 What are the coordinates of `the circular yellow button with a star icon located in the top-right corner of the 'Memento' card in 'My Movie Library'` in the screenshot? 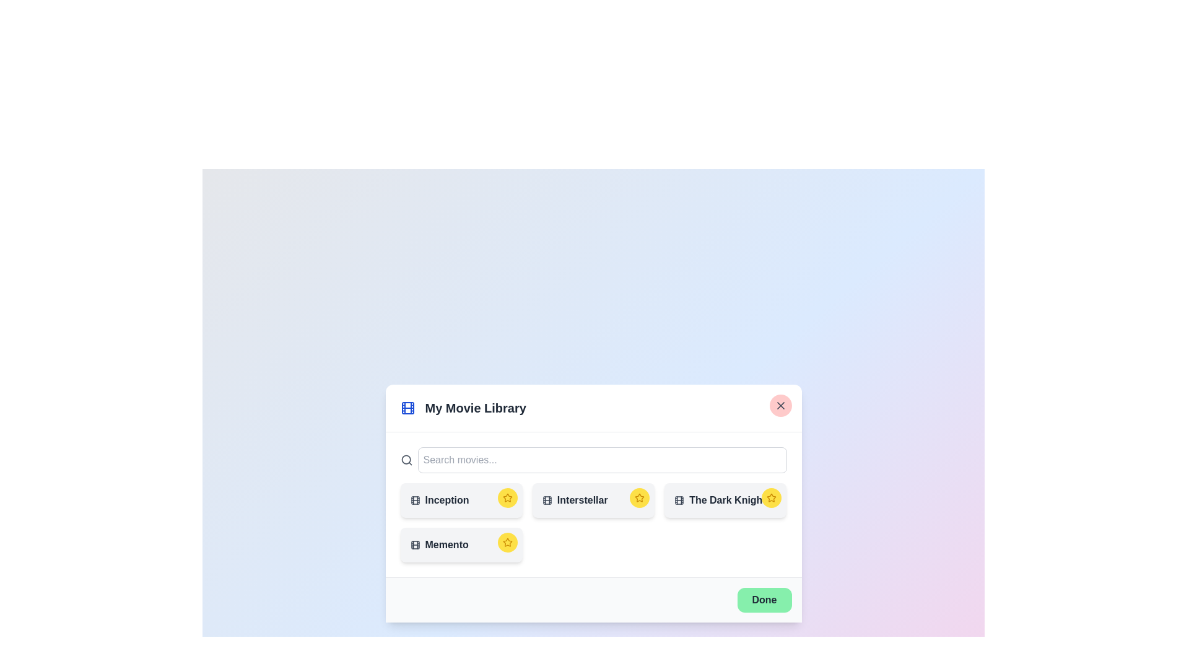 It's located at (507, 541).